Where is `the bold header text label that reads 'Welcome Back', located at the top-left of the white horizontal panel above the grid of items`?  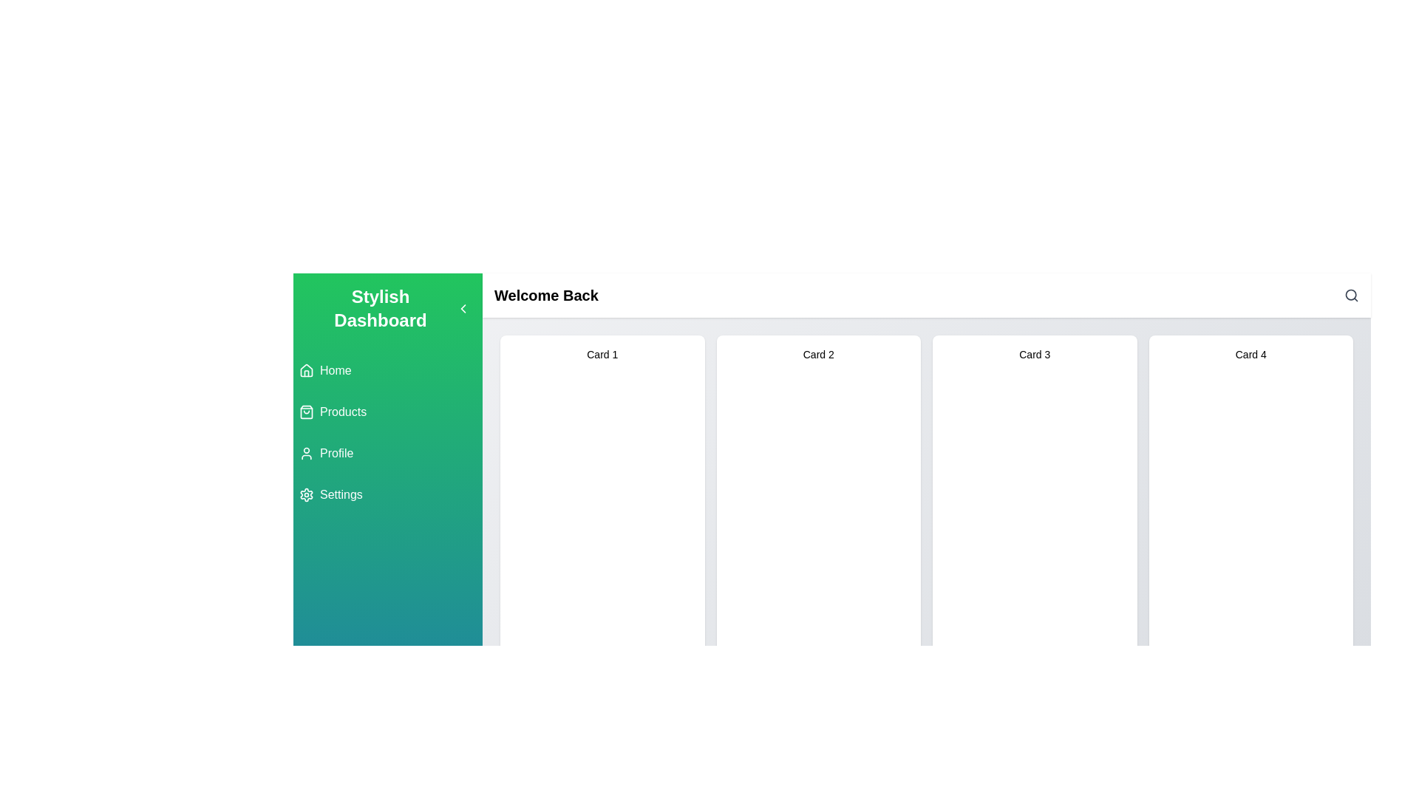 the bold header text label that reads 'Welcome Back', located at the top-left of the white horizontal panel above the grid of items is located at coordinates (545, 296).